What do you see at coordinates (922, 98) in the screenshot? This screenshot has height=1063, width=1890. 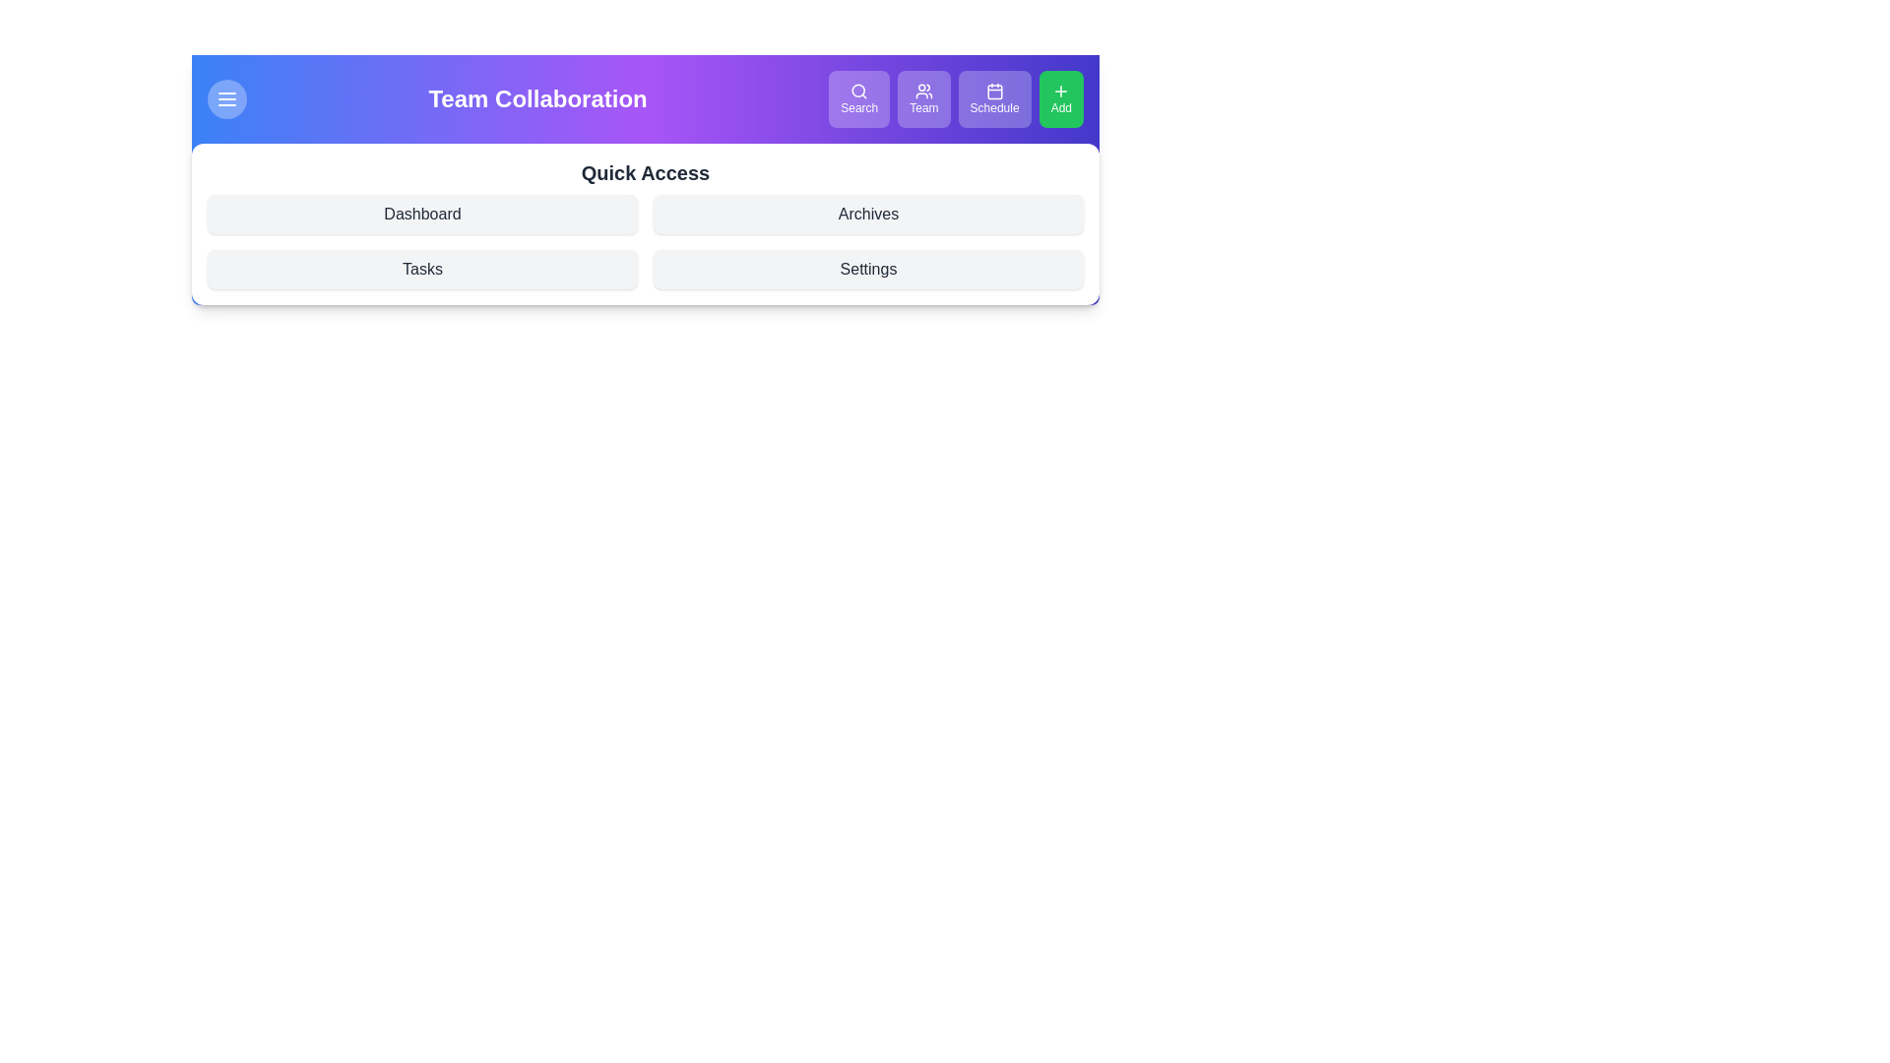 I see `the Team button in the navigation bar` at bounding box center [922, 98].